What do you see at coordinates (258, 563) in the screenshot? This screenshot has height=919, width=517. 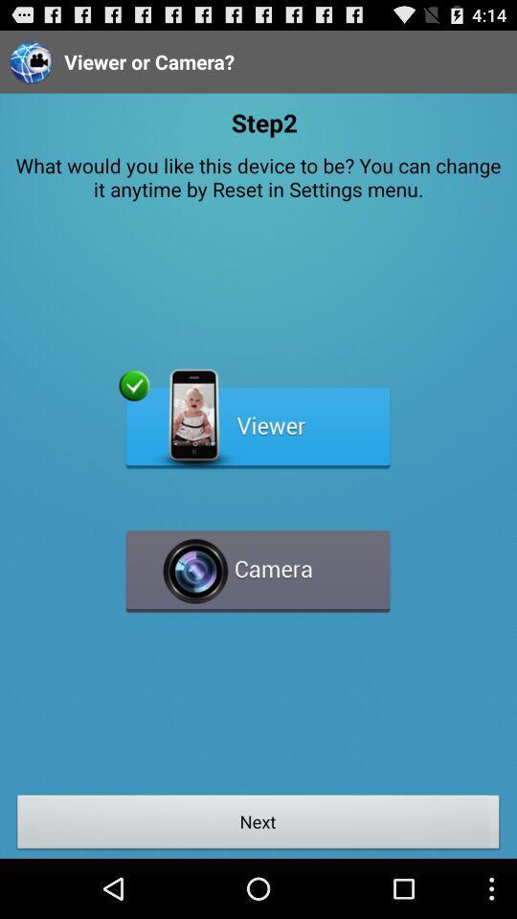 I see `icon above the next` at bounding box center [258, 563].